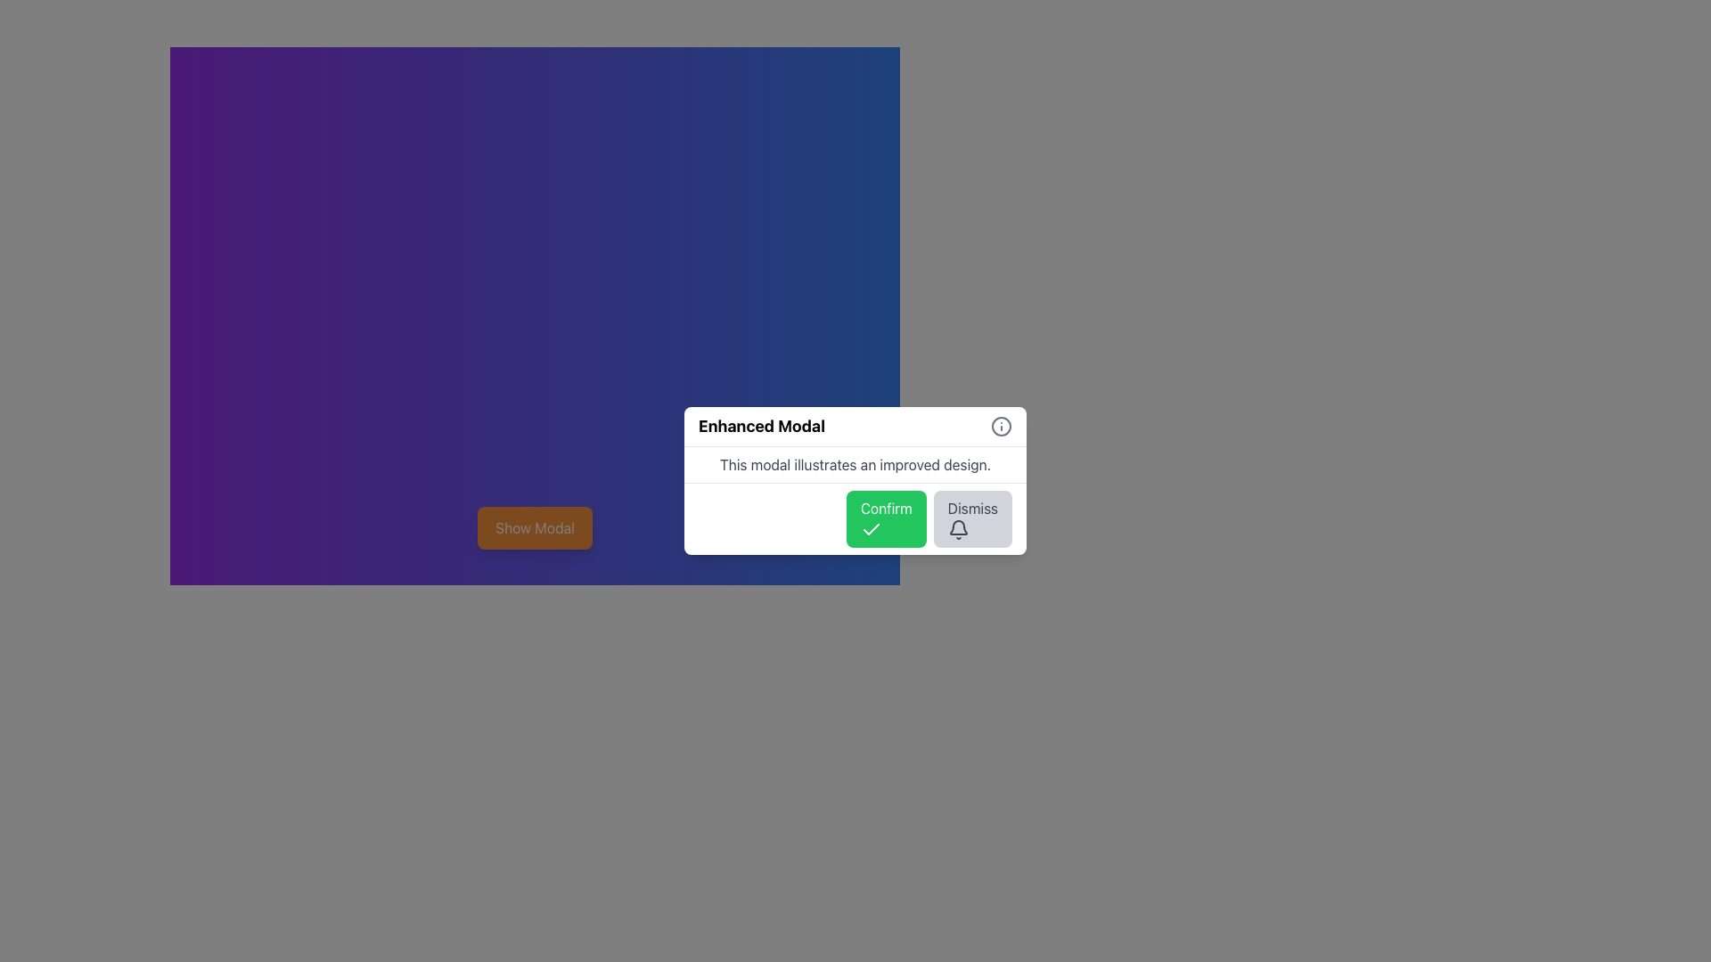  I want to click on the rectangular button with a vibrant orange background and white text 'Show Modal' to observe the hover effect, so click(534, 527).